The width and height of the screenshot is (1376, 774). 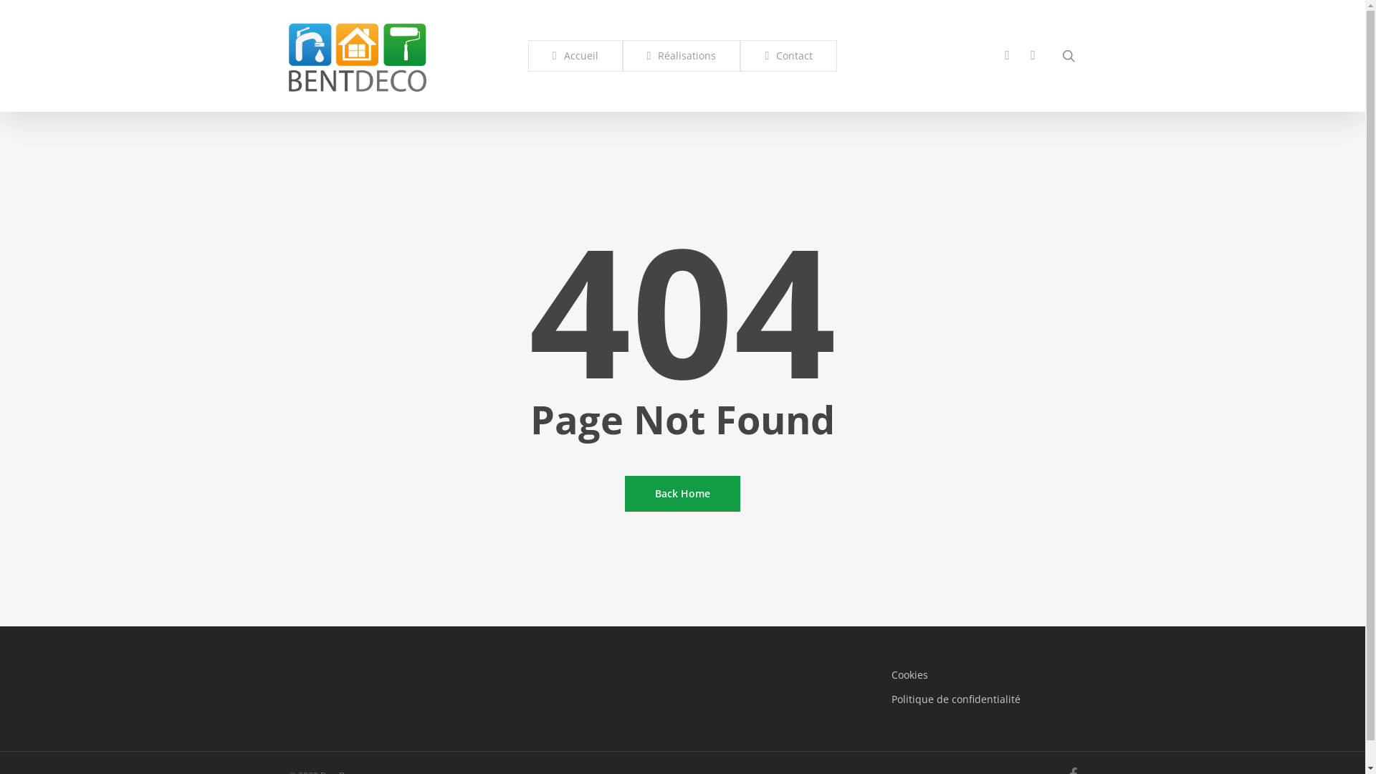 What do you see at coordinates (1067, 54) in the screenshot?
I see `'search'` at bounding box center [1067, 54].